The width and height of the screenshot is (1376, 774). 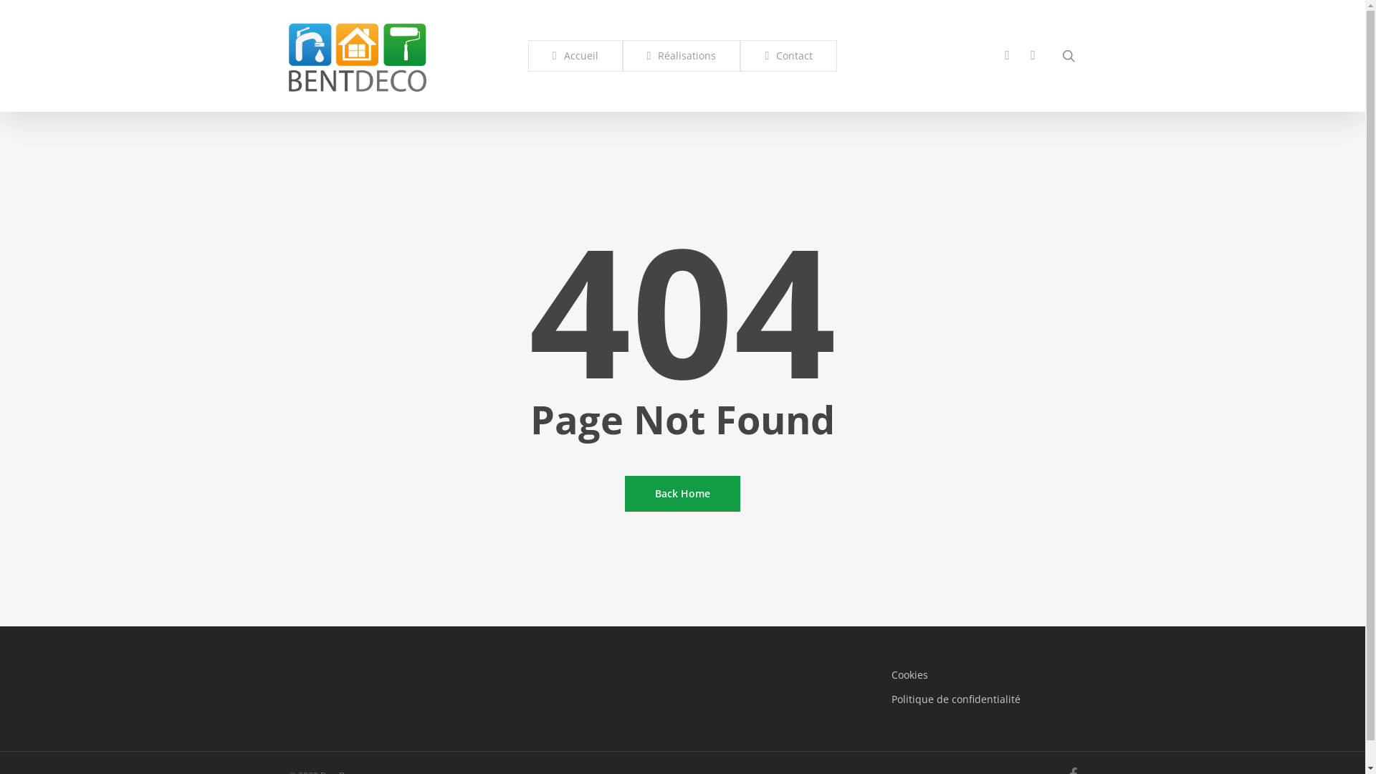 What do you see at coordinates (1067, 54) in the screenshot?
I see `'search'` at bounding box center [1067, 54].